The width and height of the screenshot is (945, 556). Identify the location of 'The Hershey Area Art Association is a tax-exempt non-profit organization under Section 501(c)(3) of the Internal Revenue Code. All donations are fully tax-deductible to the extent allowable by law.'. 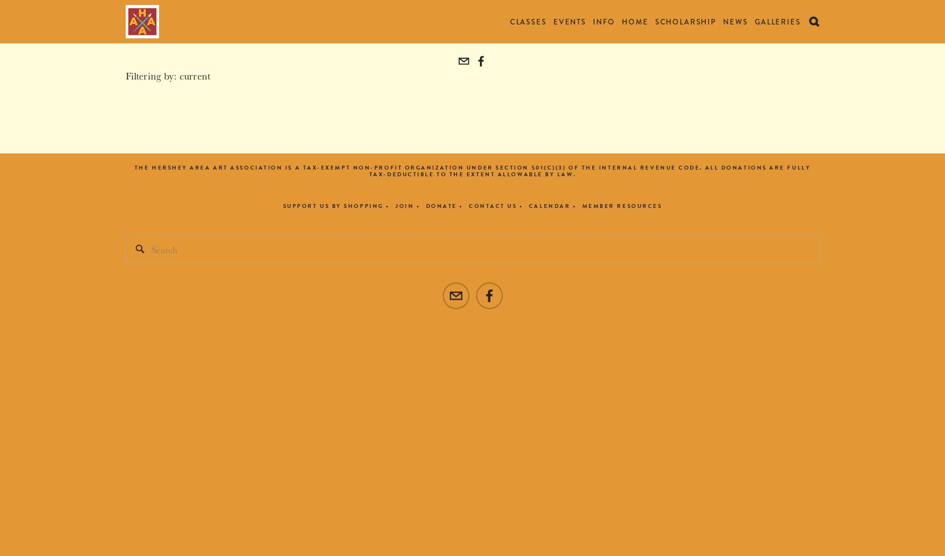
(472, 171).